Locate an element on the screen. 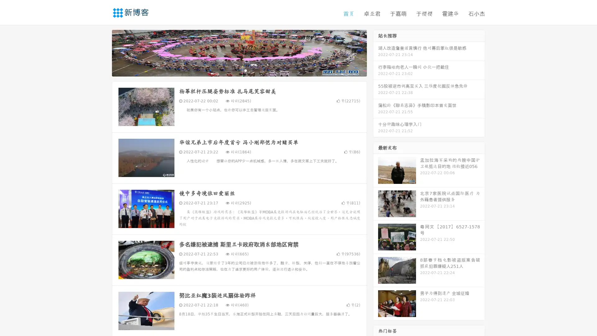 Image resolution: width=597 pixels, height=336 pixels. Next slide is located at coordinates (376, 52).